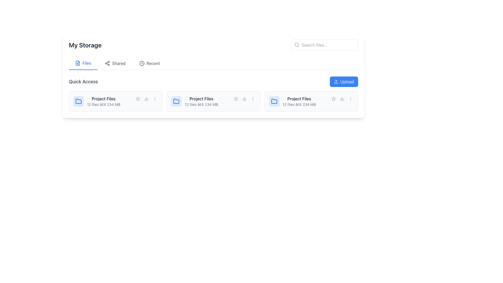 The width and height of the screenshot is (503, 283). I want to click on the star-shaped icon button with a hollow gray outline located at the top-center of the card layout, so click(236, 99).